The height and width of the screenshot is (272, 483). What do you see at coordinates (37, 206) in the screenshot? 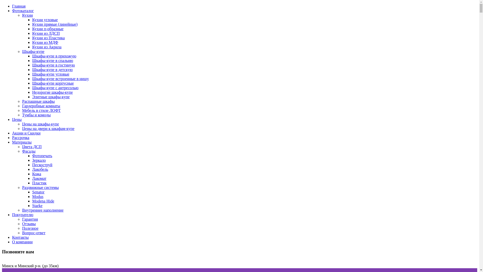
I see `'Starke'` at bounding box center [37, 206].